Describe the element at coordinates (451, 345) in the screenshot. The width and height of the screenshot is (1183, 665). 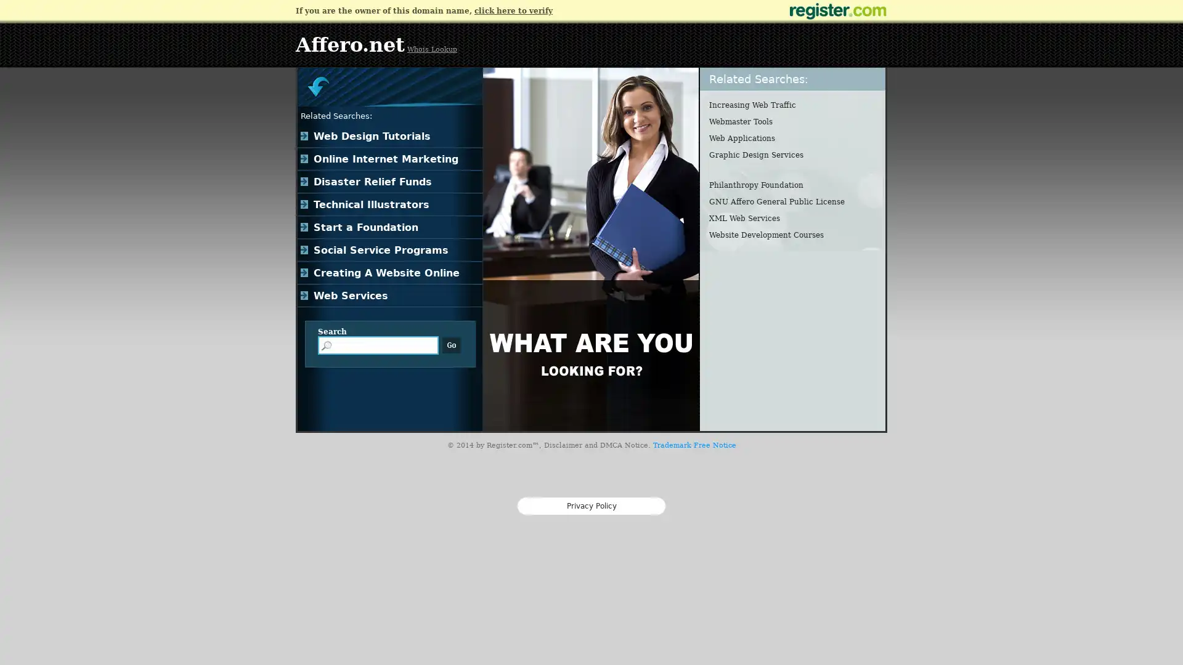
I see `Go` at that location.